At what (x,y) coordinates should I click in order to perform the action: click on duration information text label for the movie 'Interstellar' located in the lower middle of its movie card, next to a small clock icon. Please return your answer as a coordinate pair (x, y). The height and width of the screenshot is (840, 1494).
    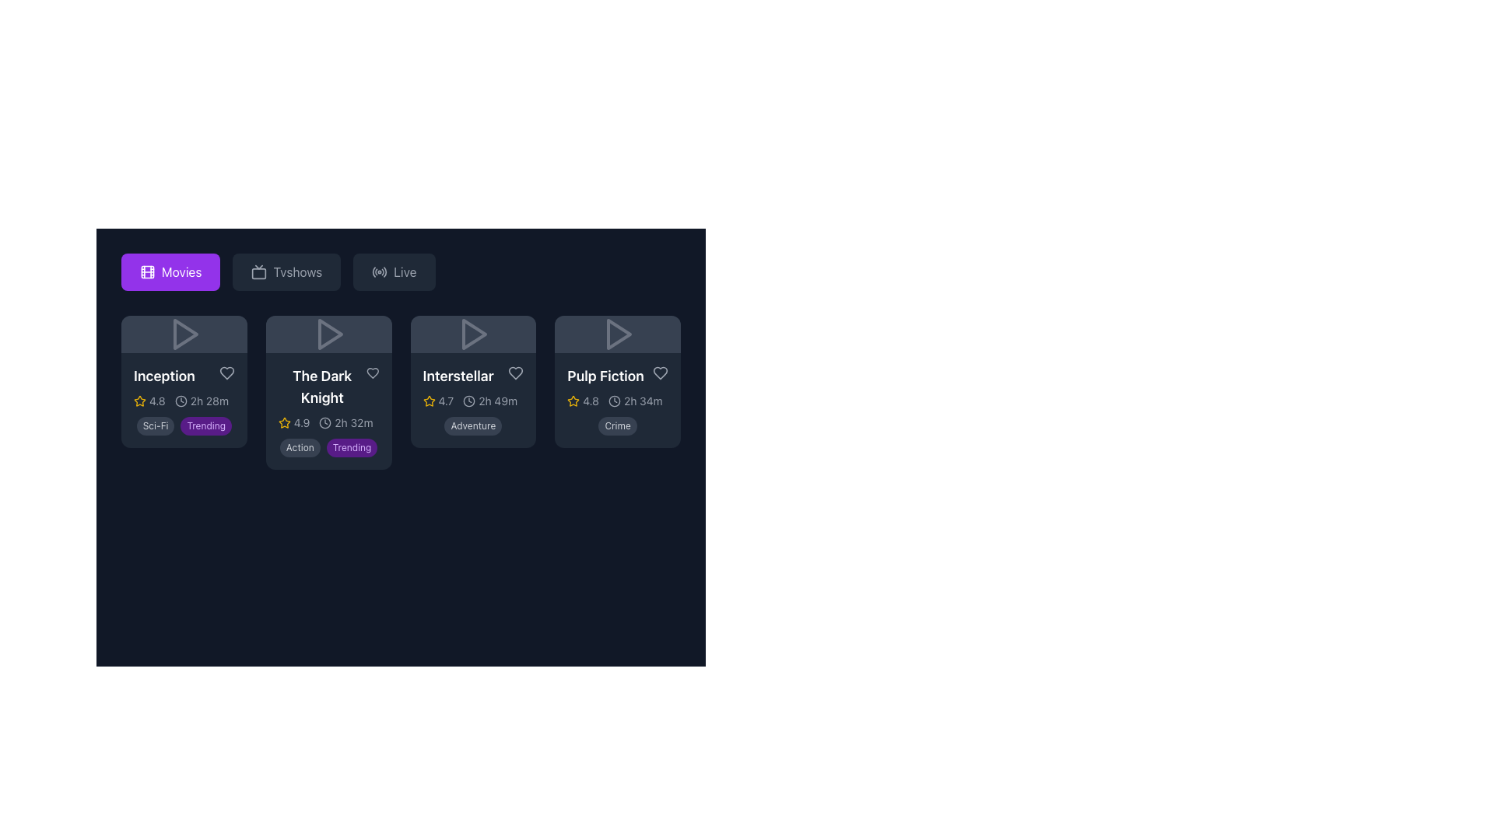
    Looking at the image, I should click on (498, 401).